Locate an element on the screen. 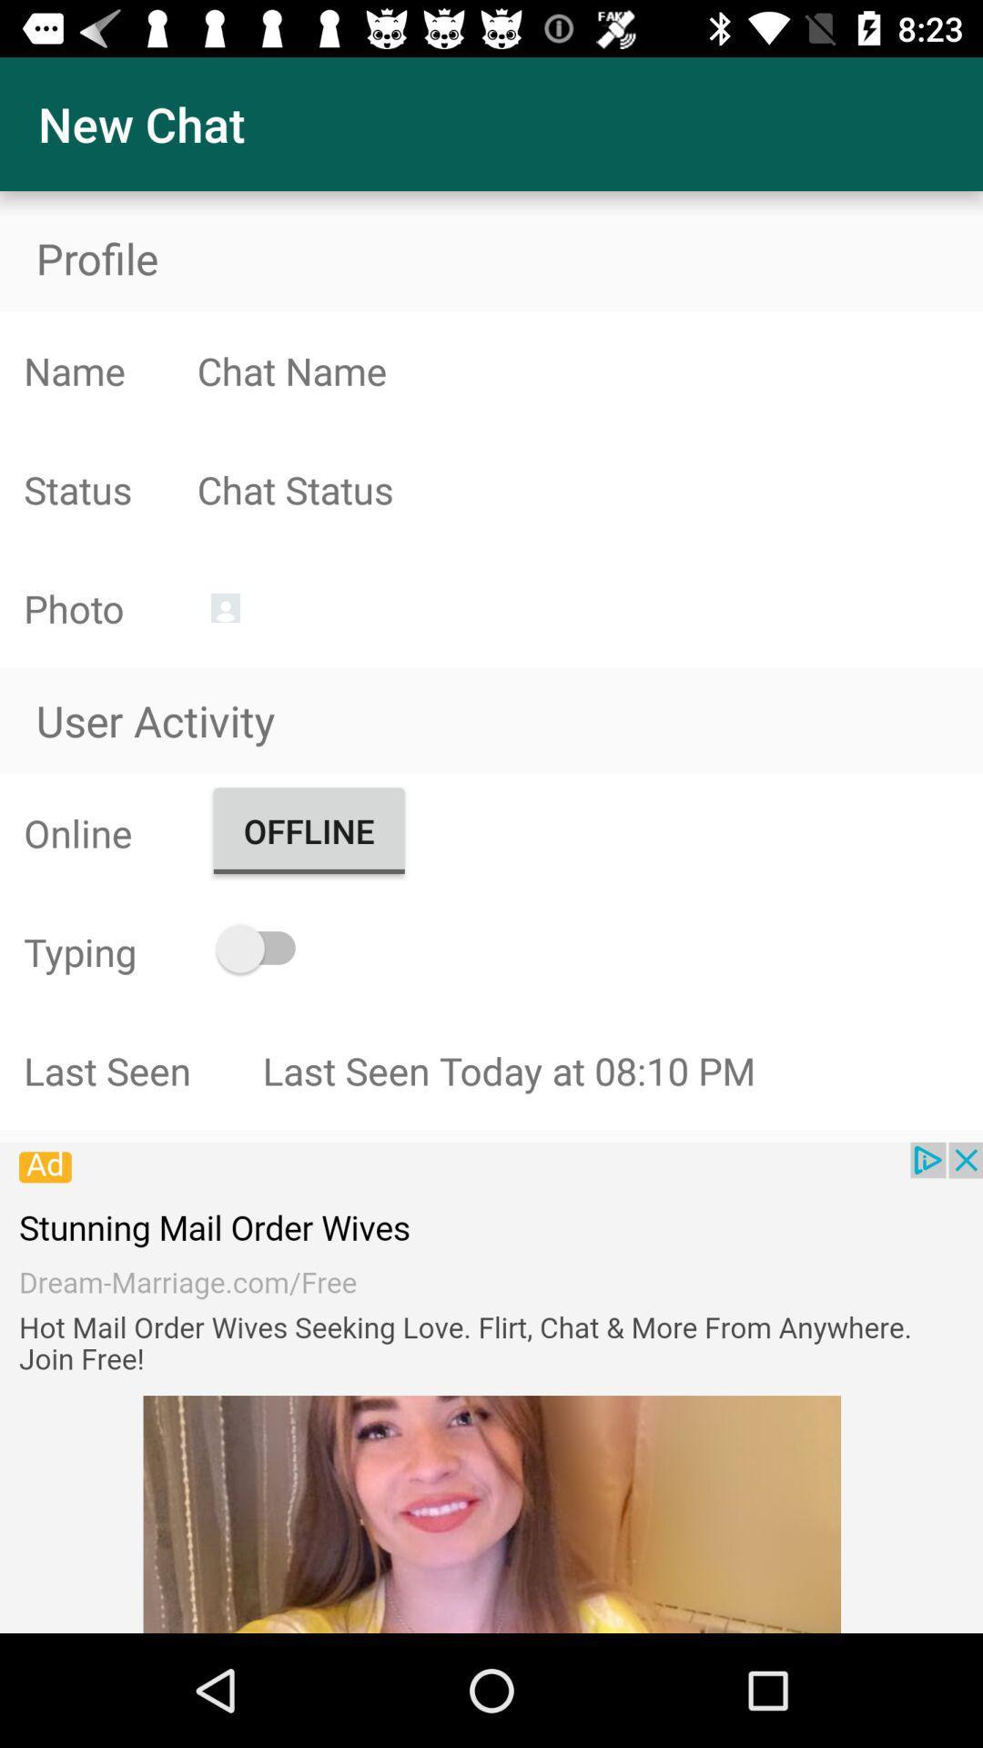 This screenshot has width=983, height=1748. chat status is located at coordinates (590, 489).